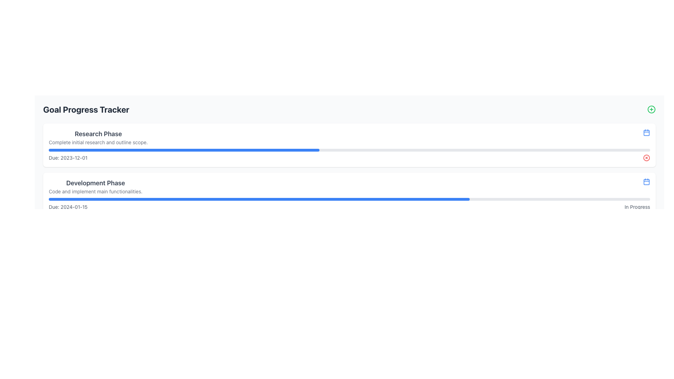  Describe the element at coordinates (259, 199) in the screenshot. I see `the blue progress indicator bar located within the 'Development Phase' section of the 'Goal Progress Tracker', which fills 70% of the light gray track` at that location.